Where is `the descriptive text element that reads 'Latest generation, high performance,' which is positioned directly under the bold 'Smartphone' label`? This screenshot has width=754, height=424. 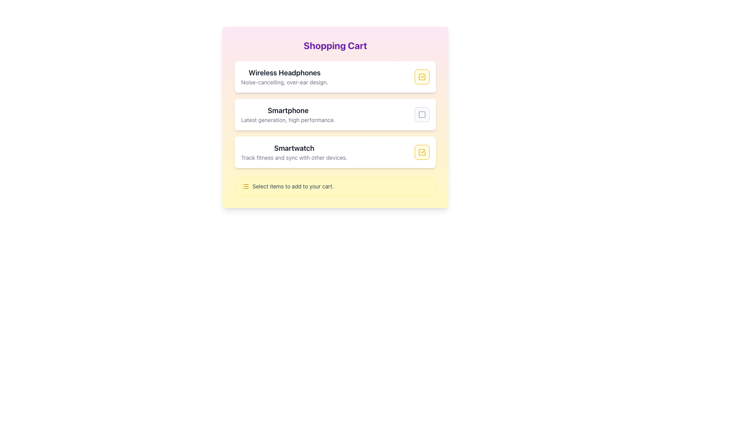 the descriptive text element that reads 'Latest generation, high performance,' which is positioned directly under the bold 'Smartphone' label is located at coordinates (287, 120).